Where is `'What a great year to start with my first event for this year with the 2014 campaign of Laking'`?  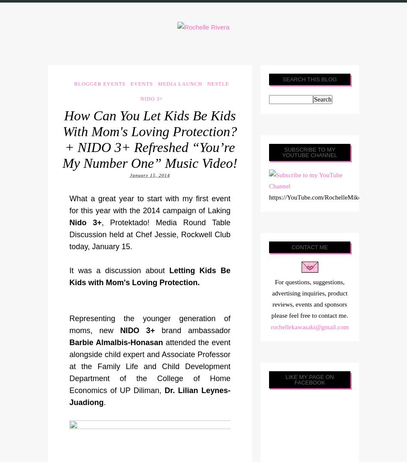
'What a great year to start with my first event for this year with the 2014 campaign of Laking' is located at coordinates (149, 204).